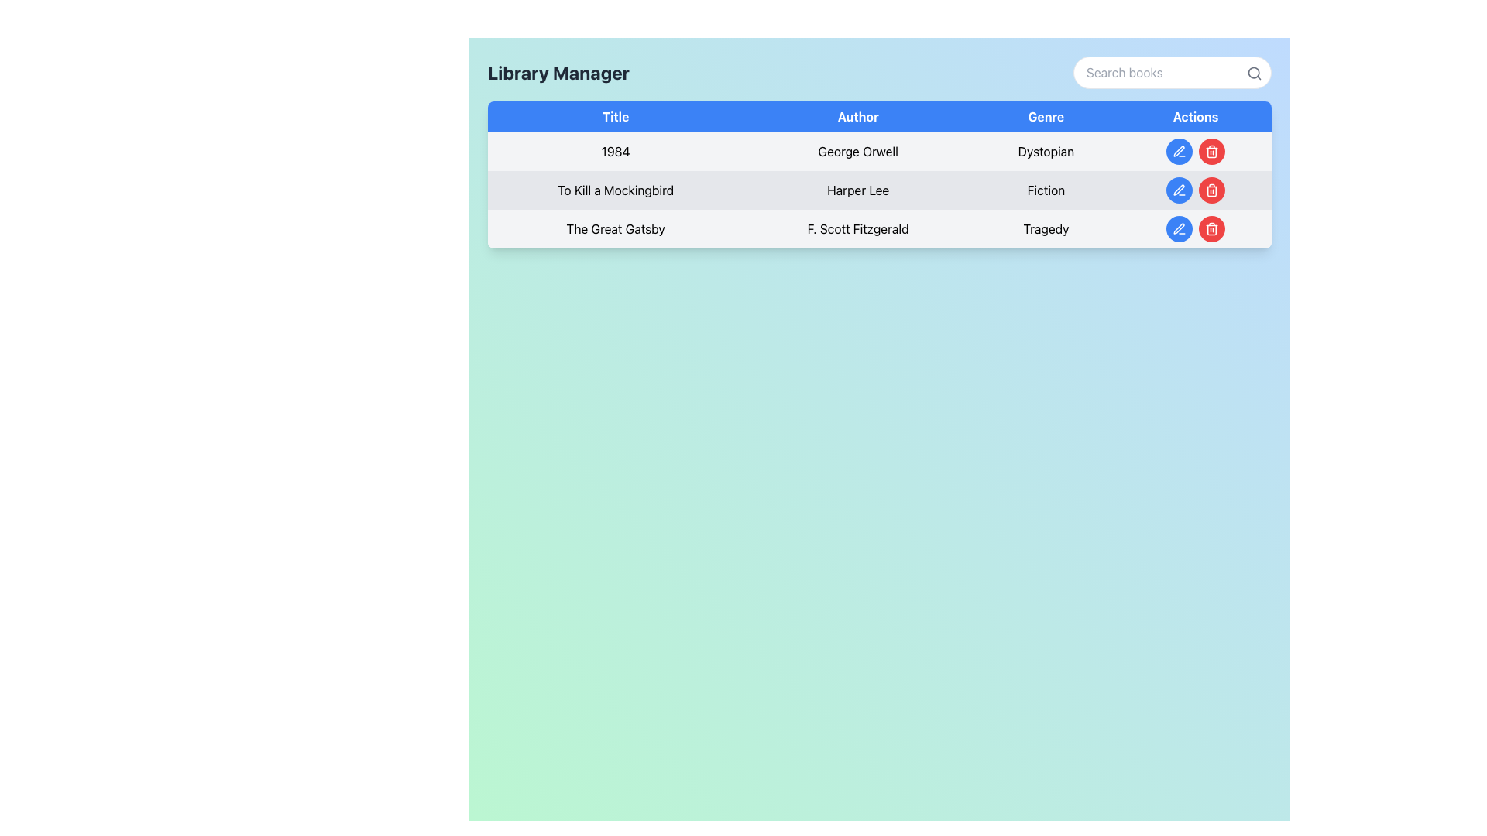 The image size is (1487, 836). I want to click on the text label displaying '1984' in bold format located in the first column of the table row, so click(615, 152).